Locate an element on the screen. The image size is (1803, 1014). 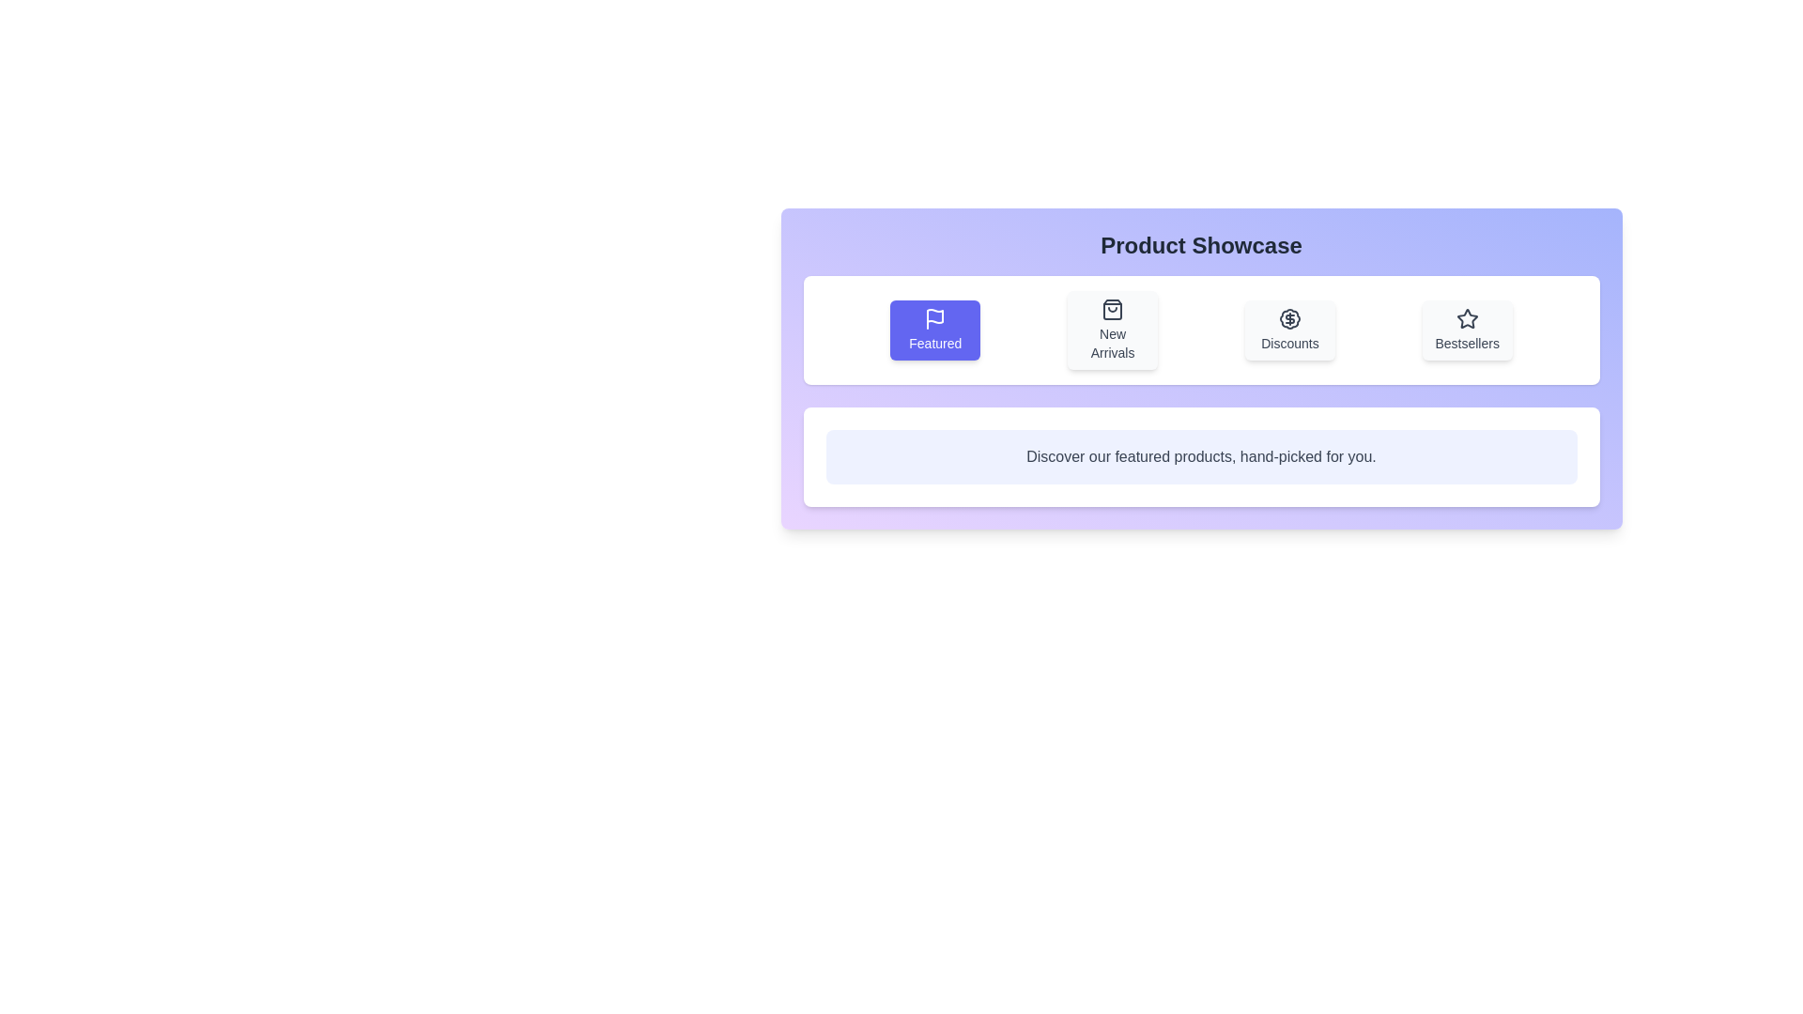
the outer circular badge pattern of the dollar badge icon, which is the third icon from the left in the group displayed below the 'Product Showcase' heading is located at coordinates (1288, 317).